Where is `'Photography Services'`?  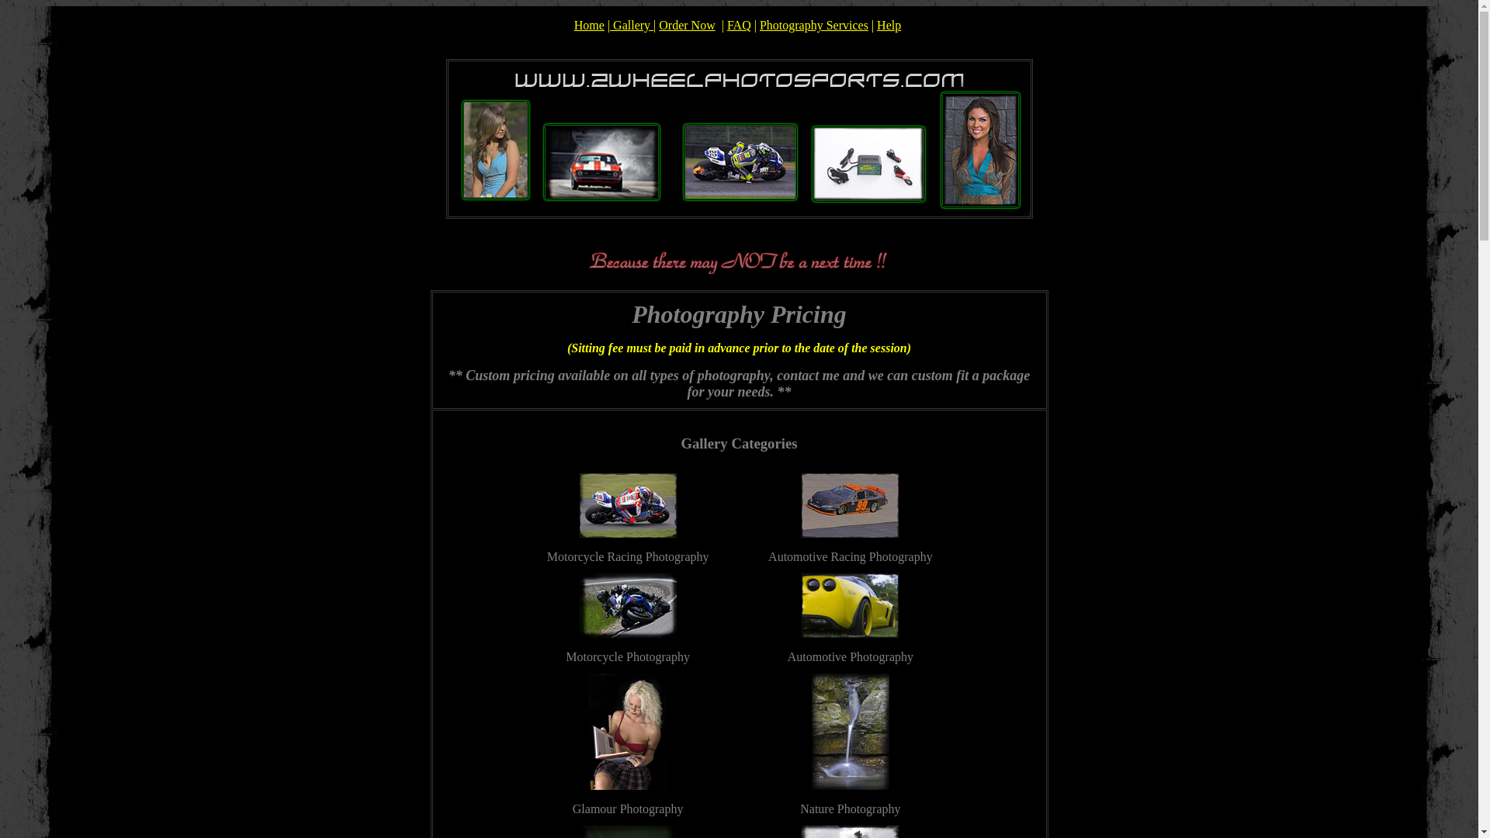
'Photography Services' is located at coordinates (813, 25).